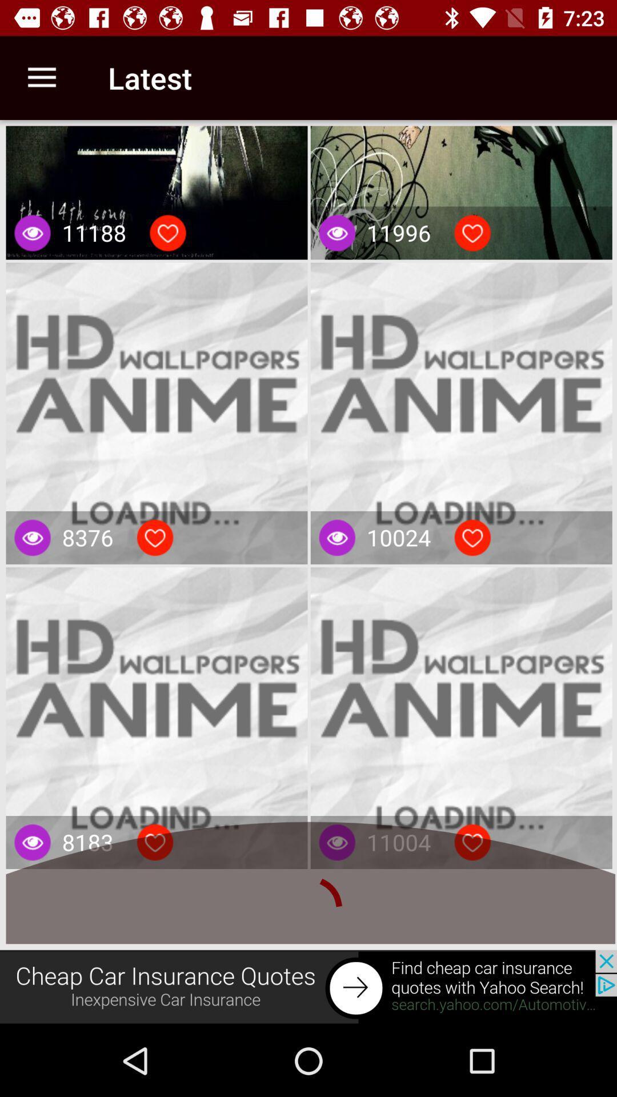 The width and height of the screenshot is (617, 1097). Describe the element at coordinates (472, 233) in the screenshot. I see `like this` at that location.